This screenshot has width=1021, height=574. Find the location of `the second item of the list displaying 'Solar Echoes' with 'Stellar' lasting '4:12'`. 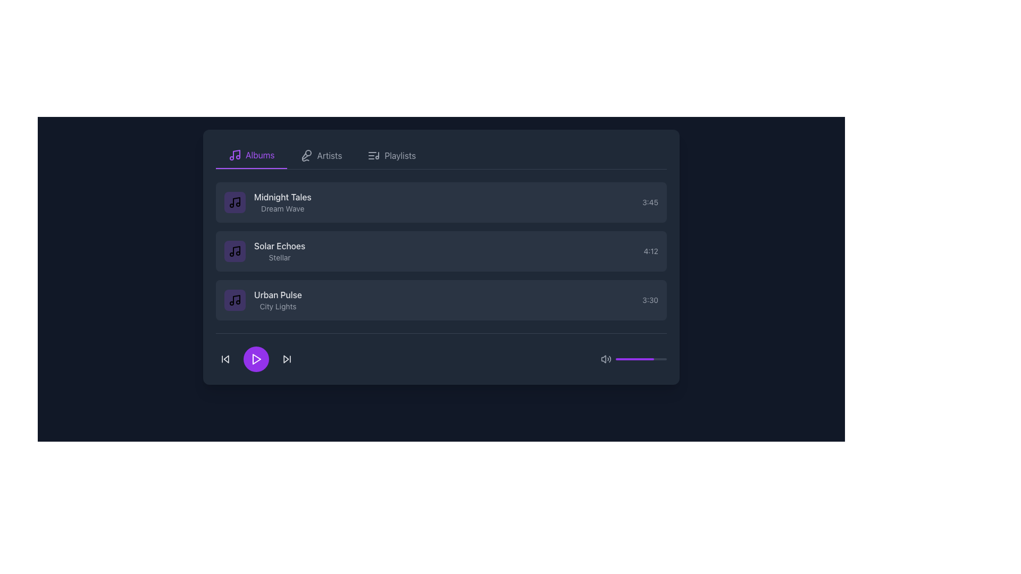

the second item of the list displaying 'Solar Echoes' with 'Stellar' lasting '4:12' is located at coordinates (441, 251).